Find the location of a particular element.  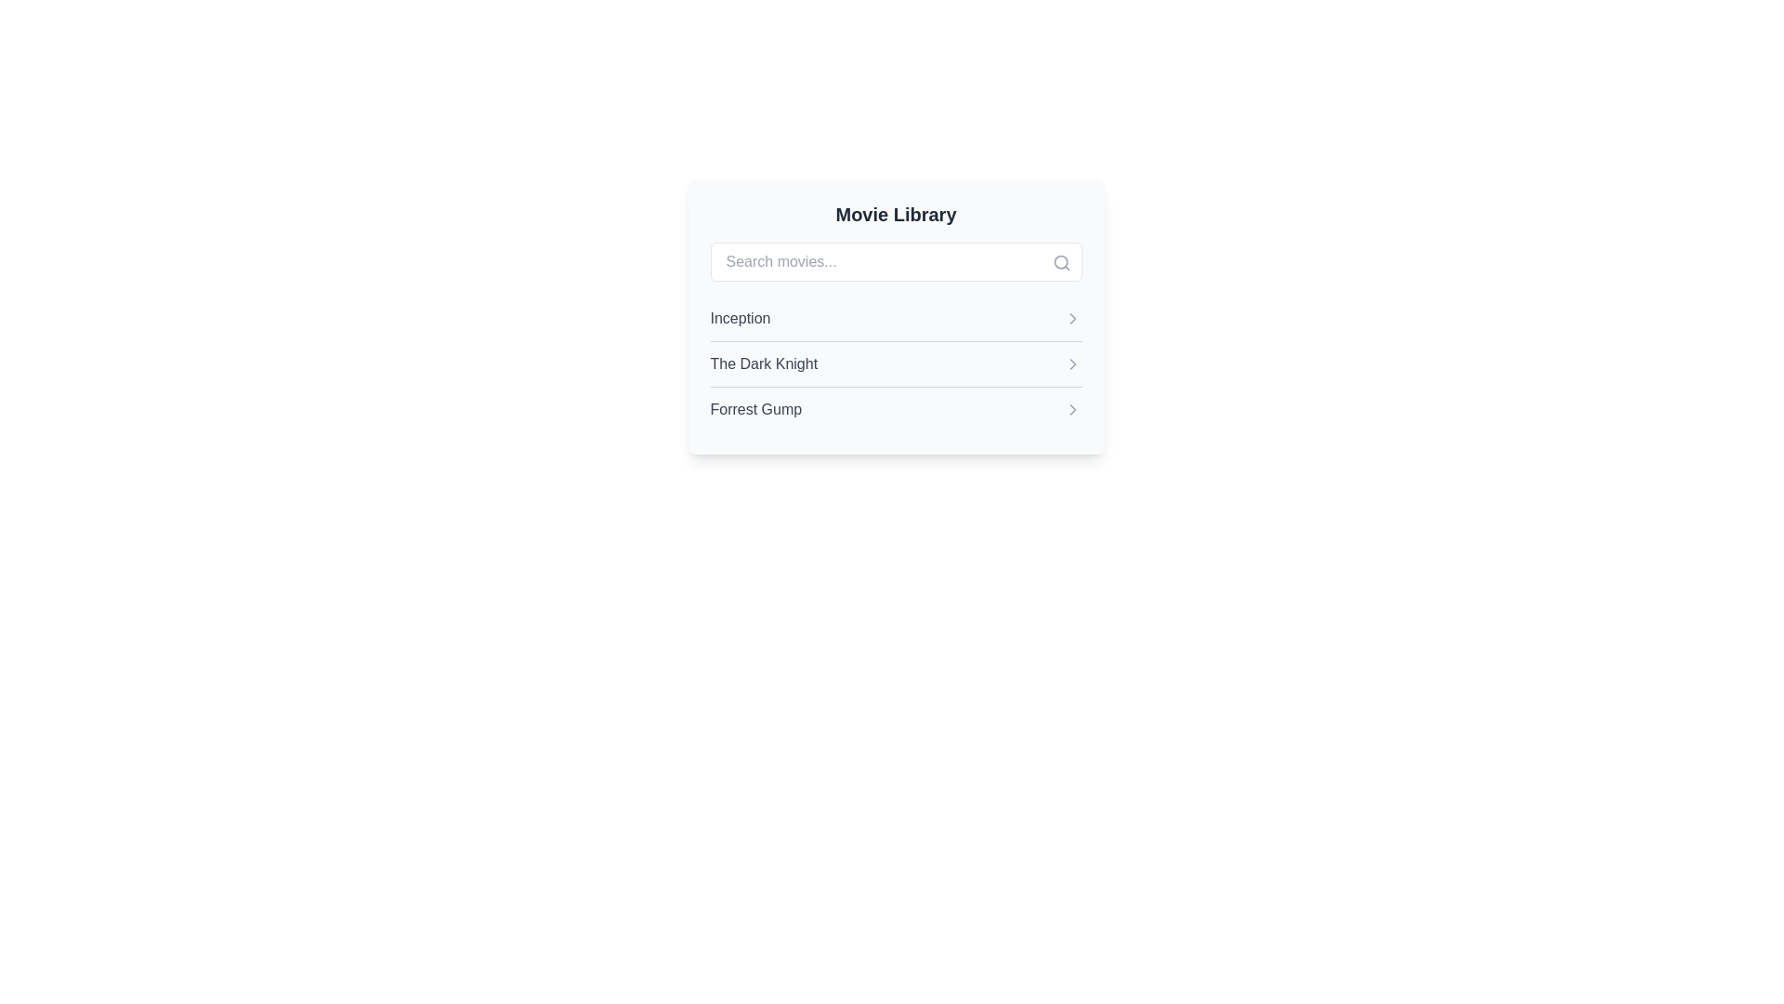

the text label displaying the movie title 'Forrest Gump' is located at coordinates (755, 408).